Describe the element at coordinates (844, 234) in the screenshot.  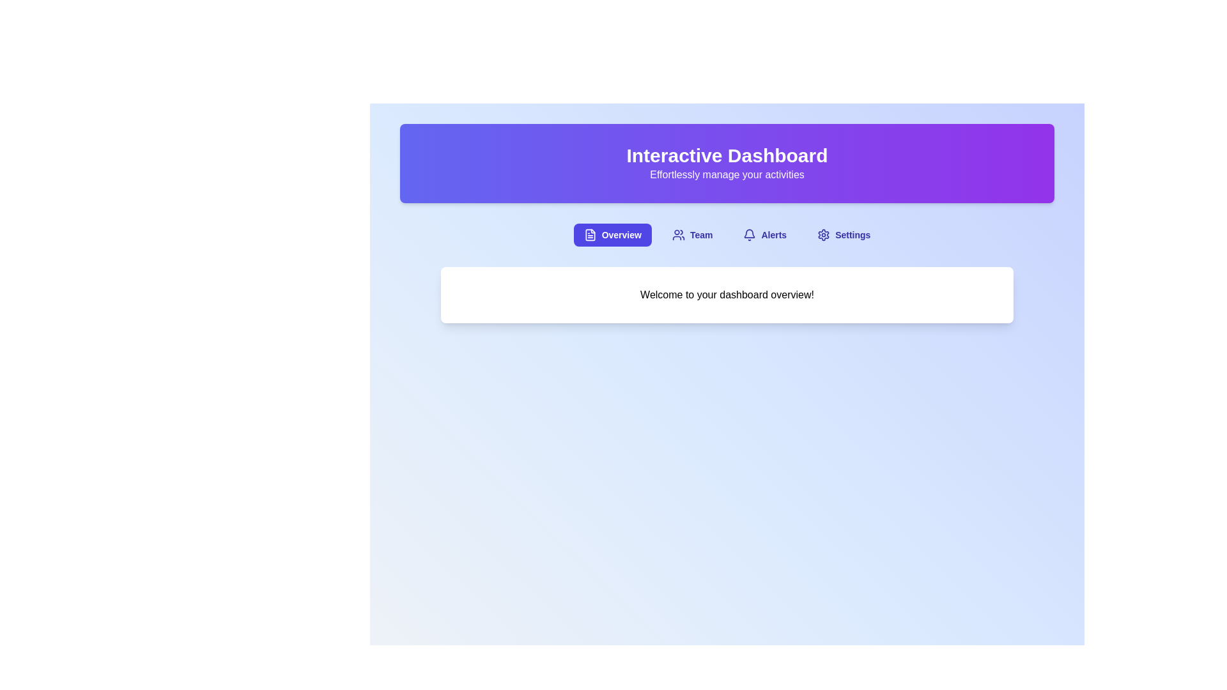
I see `the 'Settings' button, which is the fourth button in the horizontal navigation bar` at that location.